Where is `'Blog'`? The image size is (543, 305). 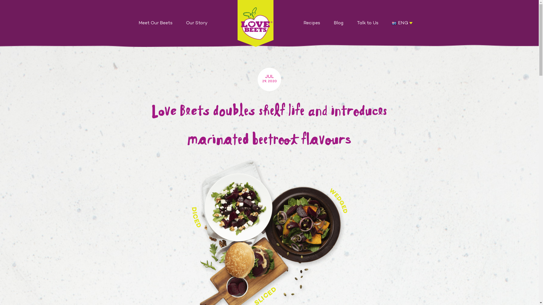
'Blog' is located at coordinates (338, 23).